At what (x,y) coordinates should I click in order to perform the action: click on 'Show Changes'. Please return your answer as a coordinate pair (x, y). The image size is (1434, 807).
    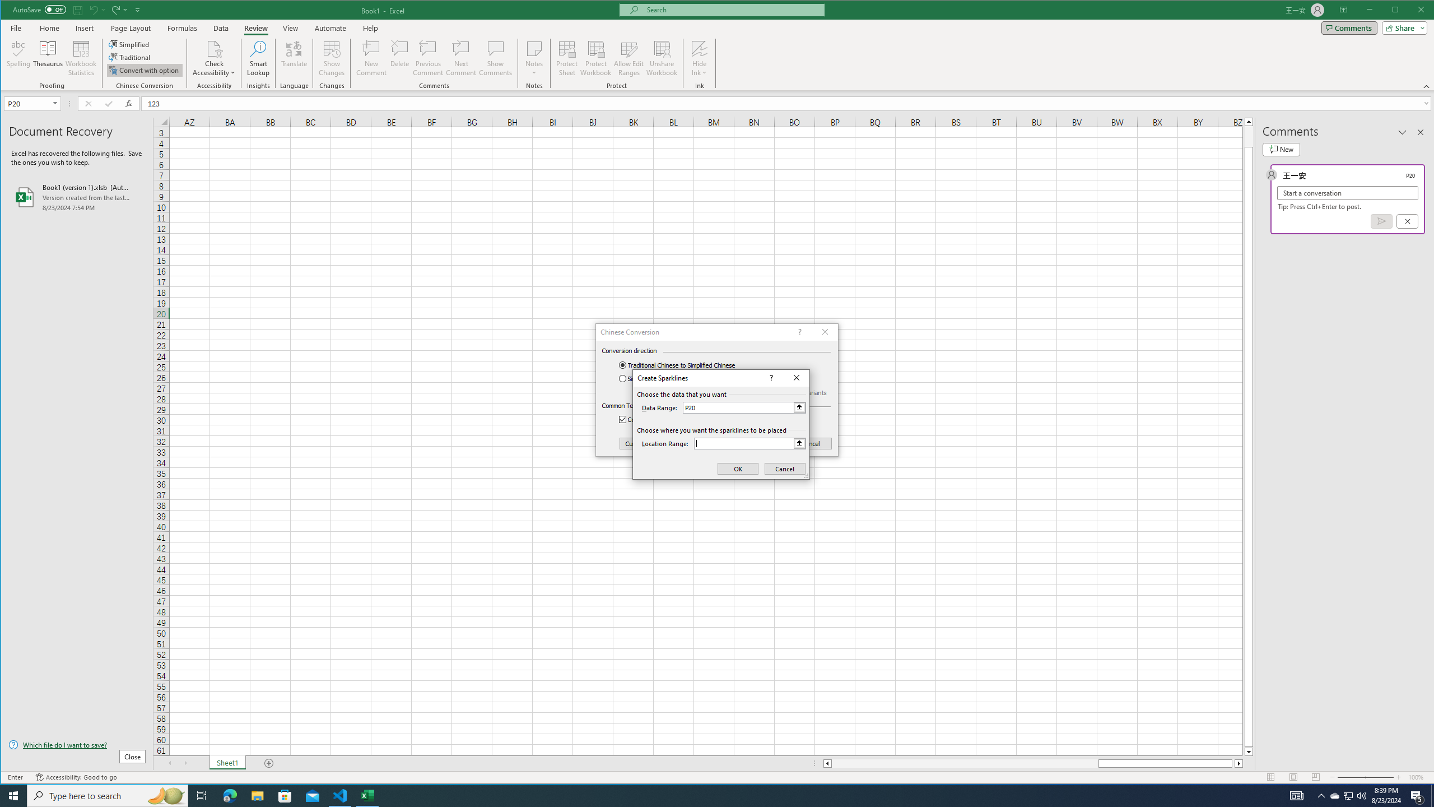
    Looking at the image, I should click on (331, 58).